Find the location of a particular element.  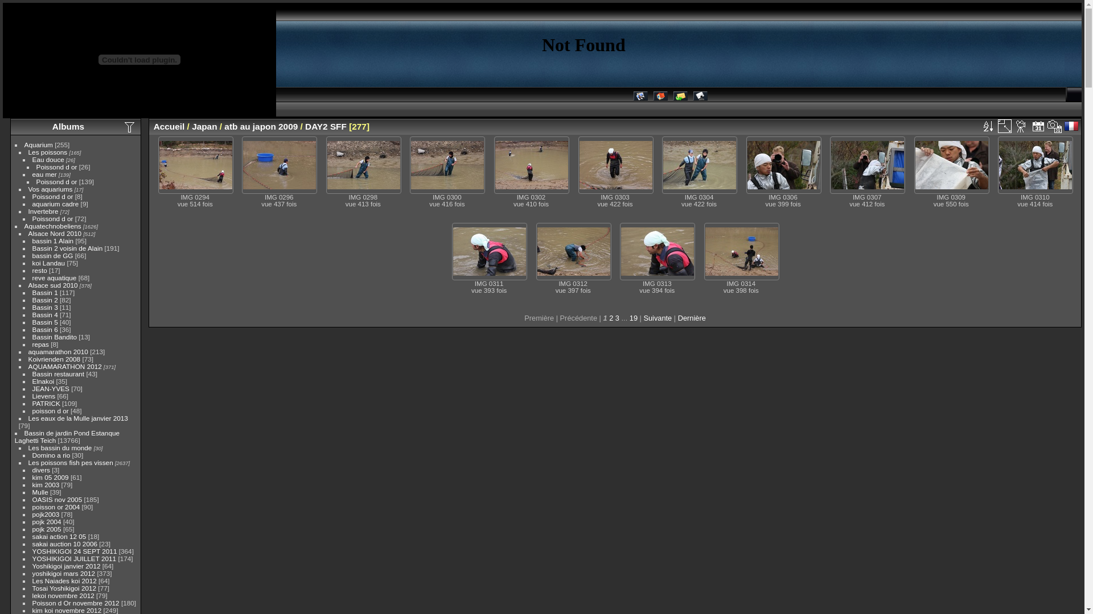

'bassin 1 Alain' is located at coordinates (52, 240).